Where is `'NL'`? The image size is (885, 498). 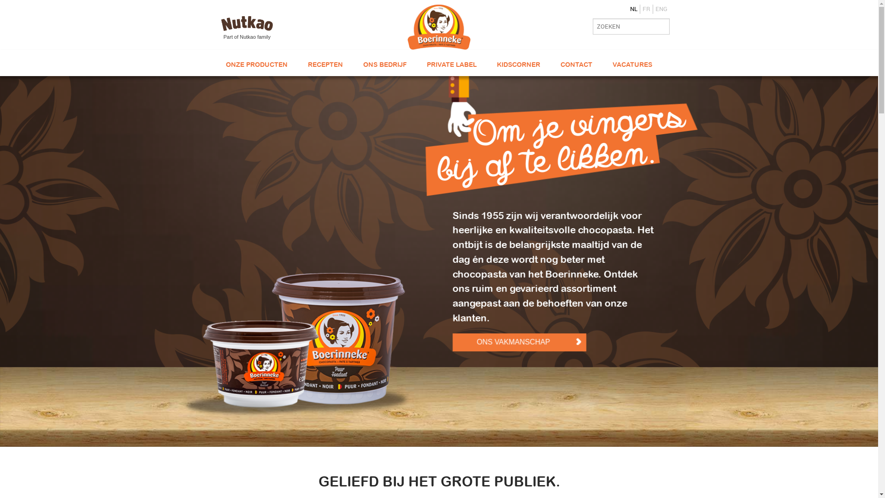 'NL' is located at coordinates (632, 9).